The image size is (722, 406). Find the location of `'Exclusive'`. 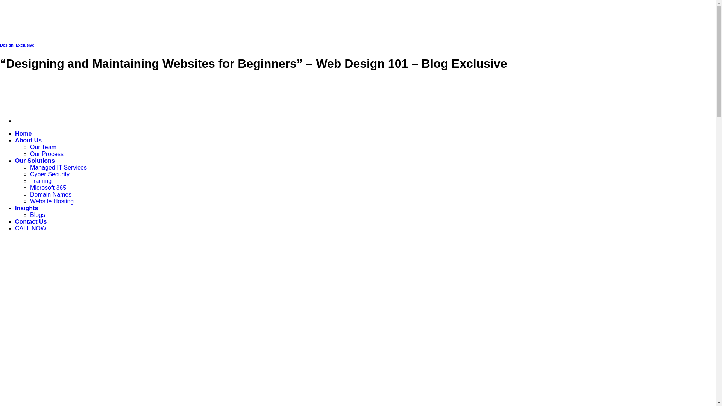

'Exclusive' is located at coordinates (25, 45).